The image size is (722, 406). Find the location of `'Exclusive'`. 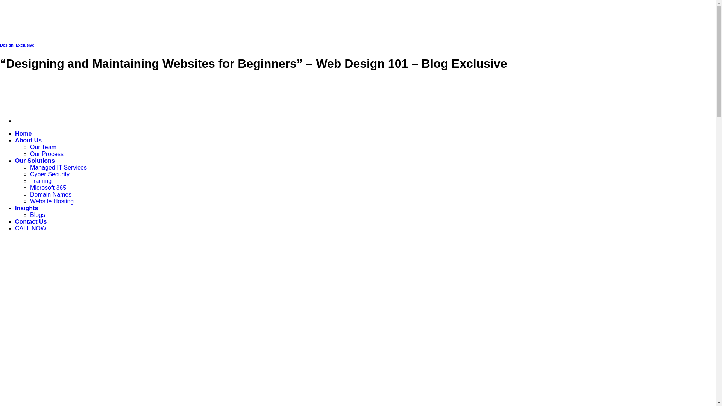

'Exclusive' is located at coordinates (25, 45).